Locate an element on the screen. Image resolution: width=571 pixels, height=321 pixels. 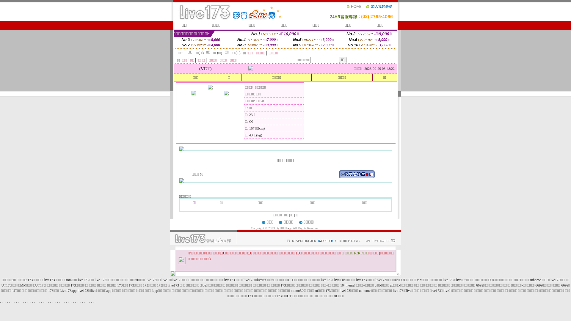
'.' is located at coordinates (71, 301).